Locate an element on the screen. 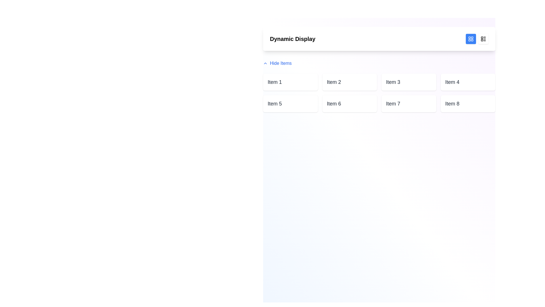 The width and height of the screenshot is (545, 307). the rounded button with a list layout icon located in the top-right corner of the interface is located at coordinates (483, 39).